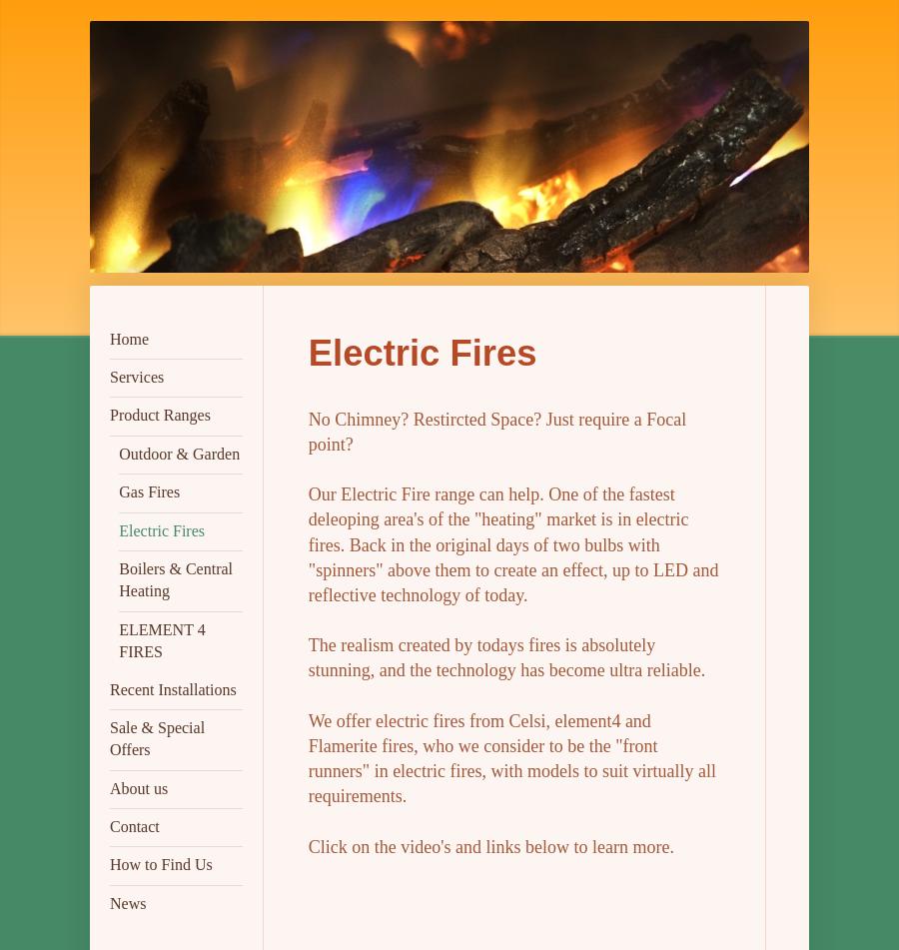  Describe the element at coordinates (129, 338) in the screenshot. I see `'Home'` at that location.